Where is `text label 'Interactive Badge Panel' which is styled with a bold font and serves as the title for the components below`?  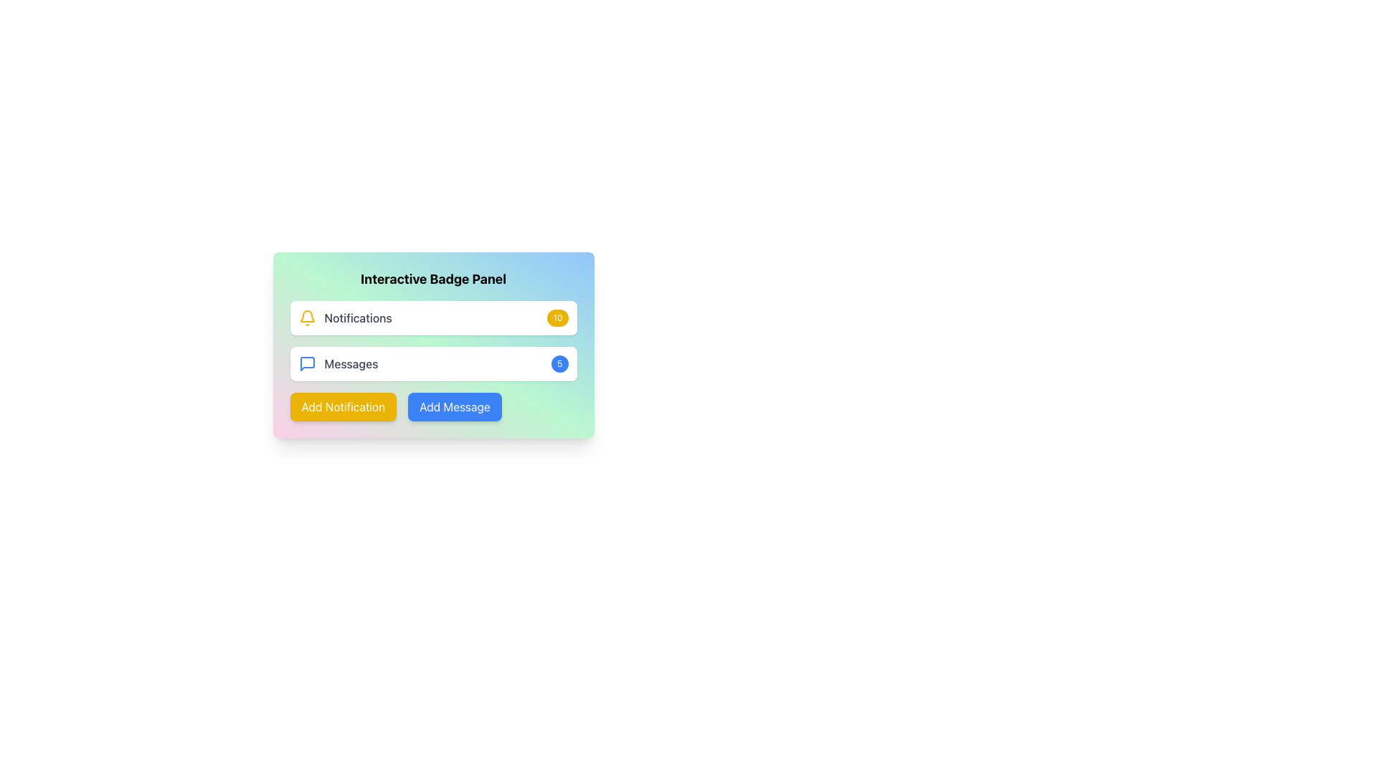
text label 'Interactive Badge Panel' which is styled with a bold font and serves as the title for the components below is located at coordinates (432, 279).